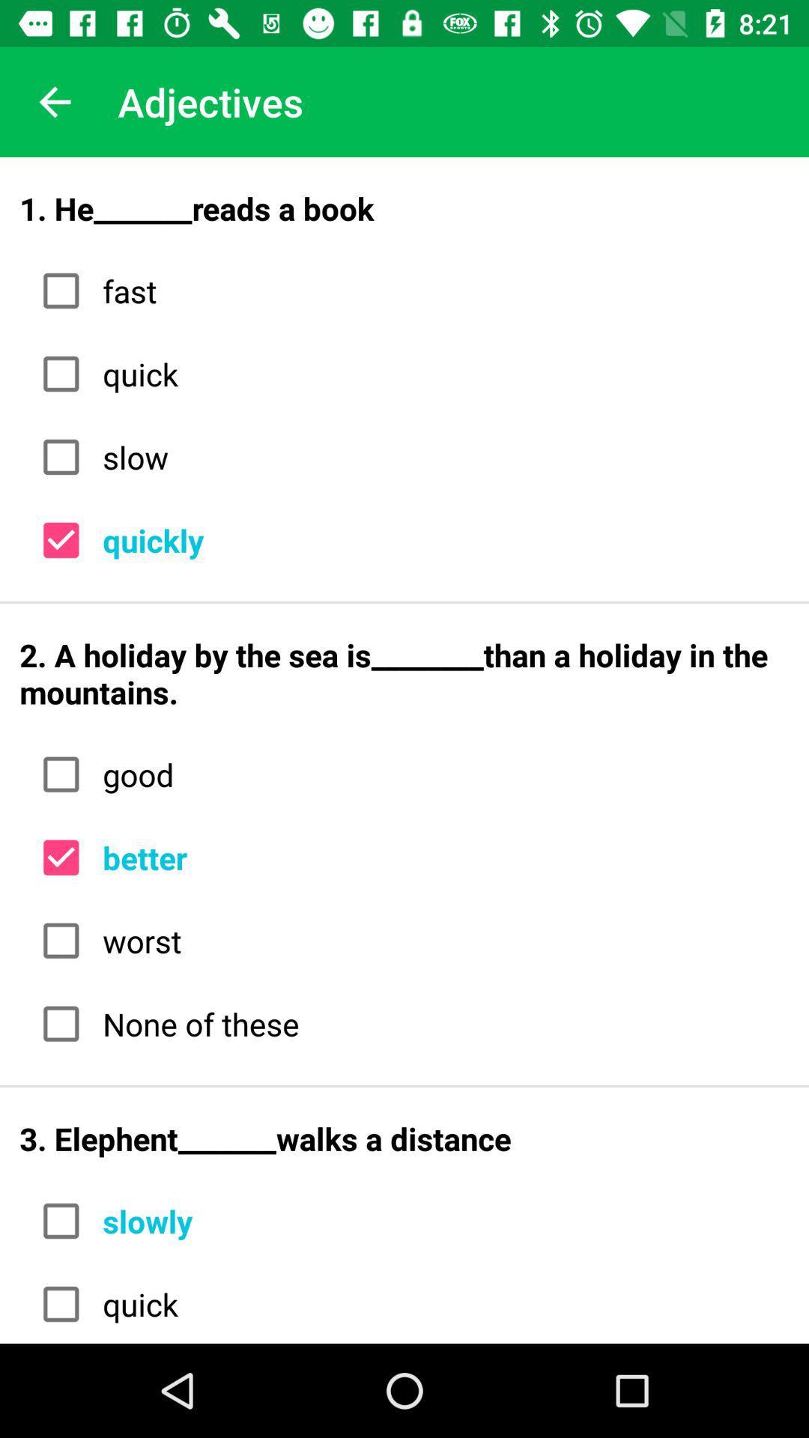 This screenshot has height=1438, width=809. Describe the element at coordinates (440, 774) in the screenshot. I see `the icon above the better icon` at that location.